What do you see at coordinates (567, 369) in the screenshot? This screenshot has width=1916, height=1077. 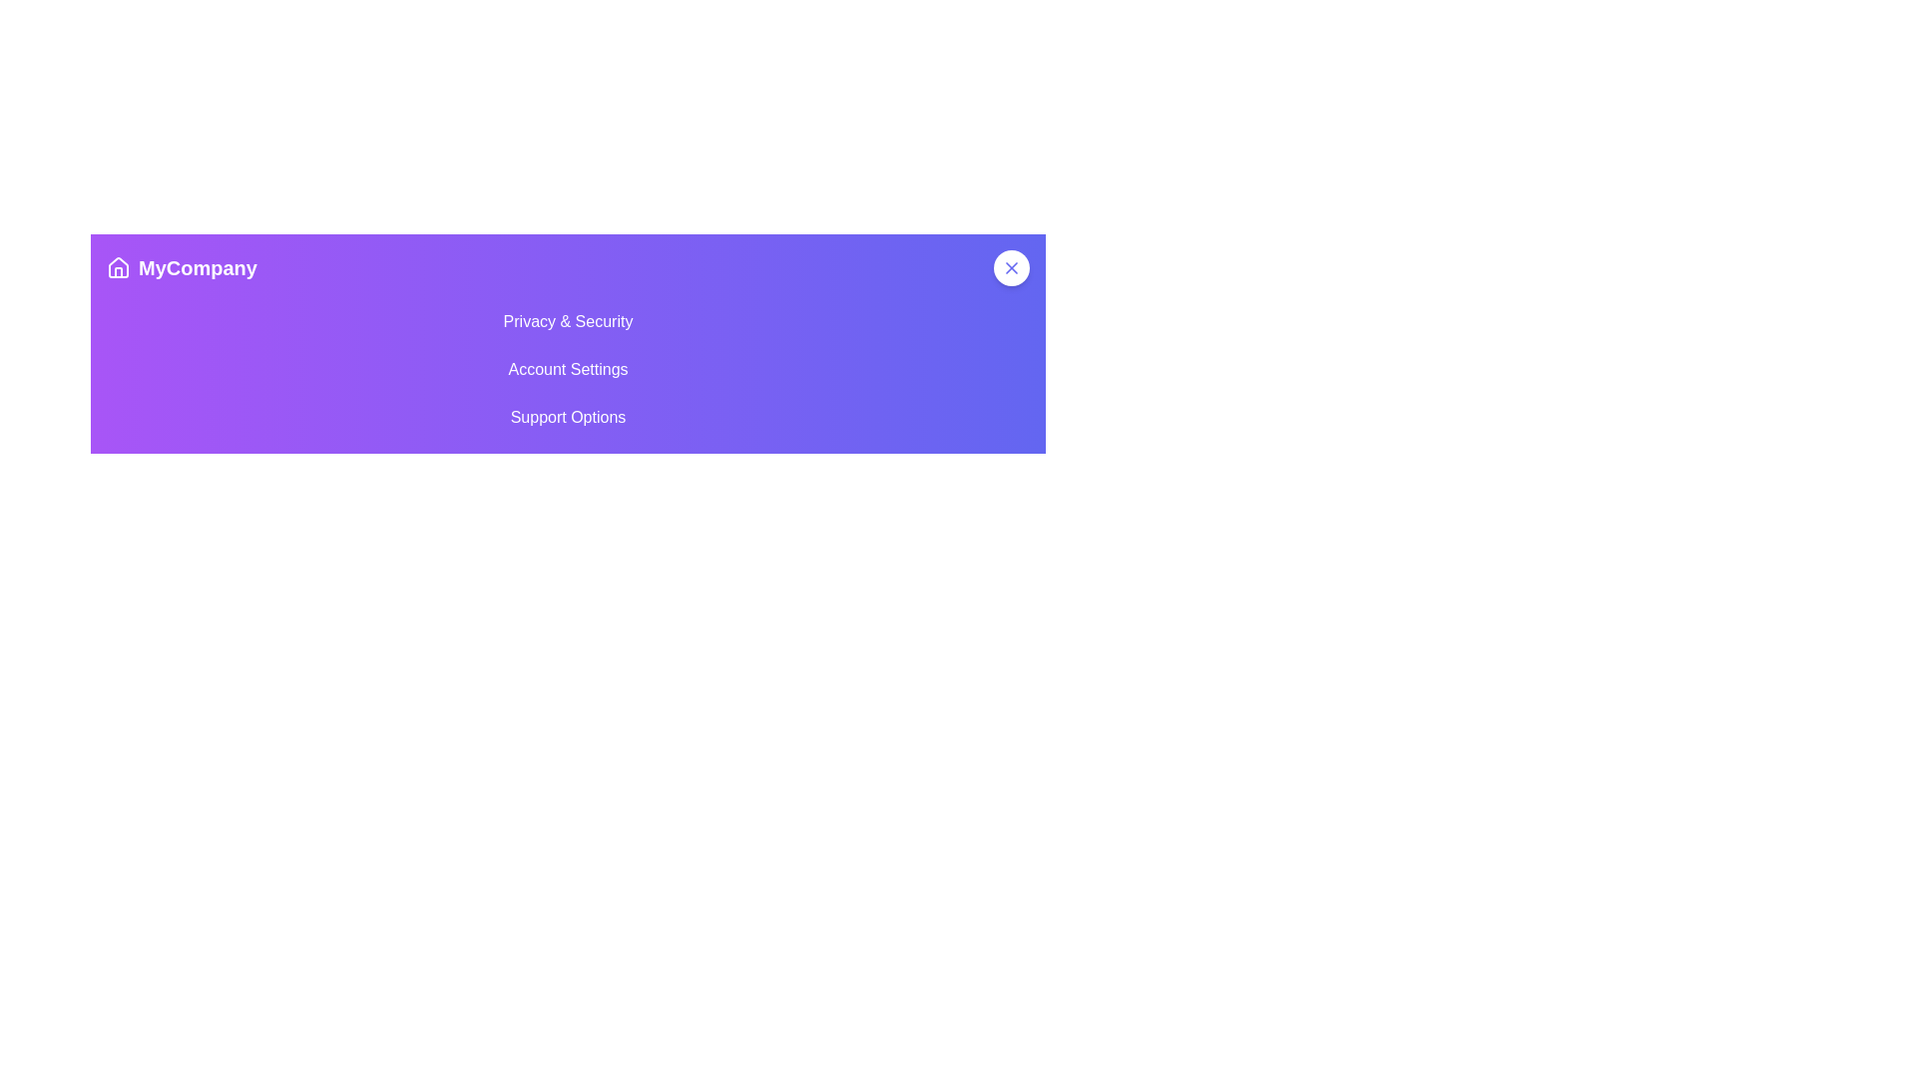 I see `the 'Account Settings' option, which is displayed in white font on a purple bar` at bounding box center [567, 369].